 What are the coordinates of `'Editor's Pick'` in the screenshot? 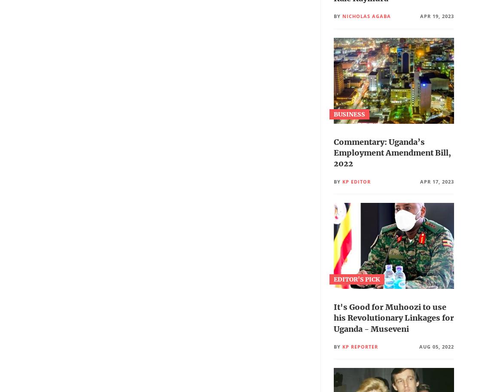 It's located at (356, 279).